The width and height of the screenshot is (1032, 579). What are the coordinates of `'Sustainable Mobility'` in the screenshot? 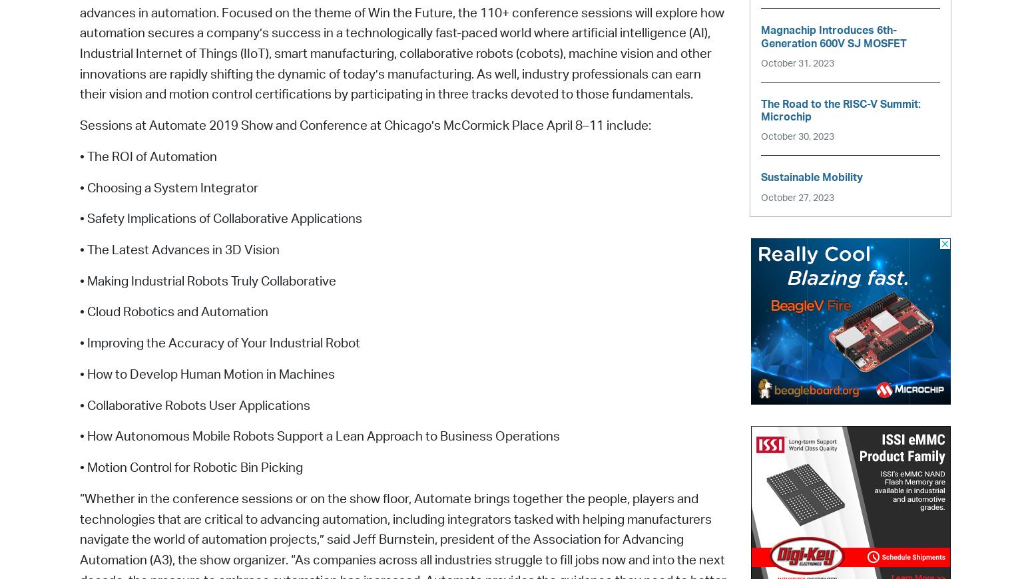 It's located at (812, 178).